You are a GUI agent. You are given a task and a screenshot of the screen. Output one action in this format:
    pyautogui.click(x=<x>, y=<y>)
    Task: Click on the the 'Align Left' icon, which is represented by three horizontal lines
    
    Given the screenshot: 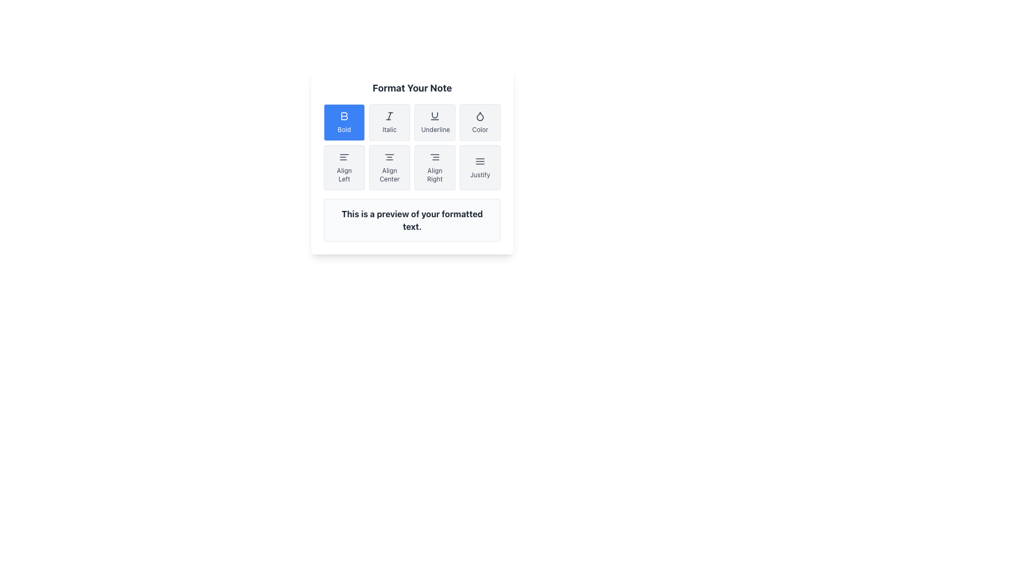 What is the action you would take?
    pyautogui.click(x=344, y=157)
    